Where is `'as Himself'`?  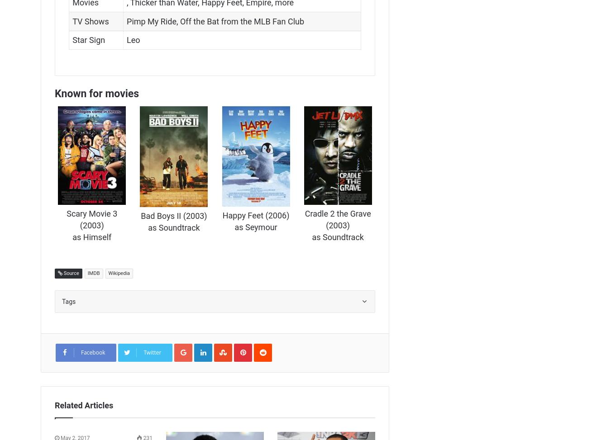 'as Himself' is located at coordinates (92, 236).